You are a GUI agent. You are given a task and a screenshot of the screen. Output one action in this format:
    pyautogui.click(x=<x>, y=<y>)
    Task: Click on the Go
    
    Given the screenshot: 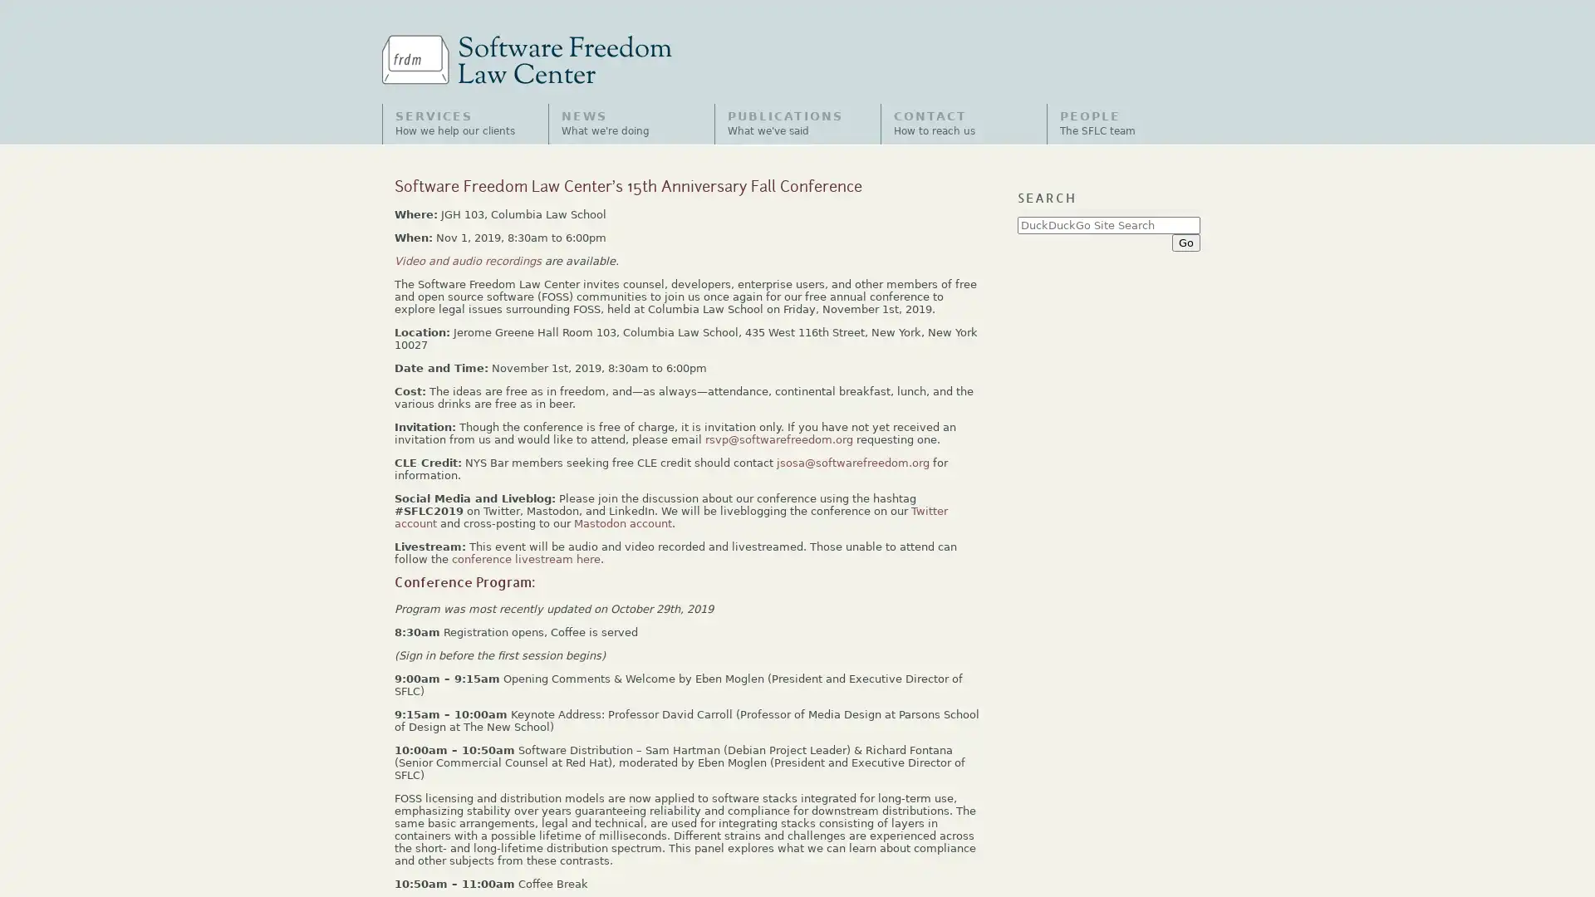 What is the action you would take?
    pyautogui.click(x=1185, y=242)
    